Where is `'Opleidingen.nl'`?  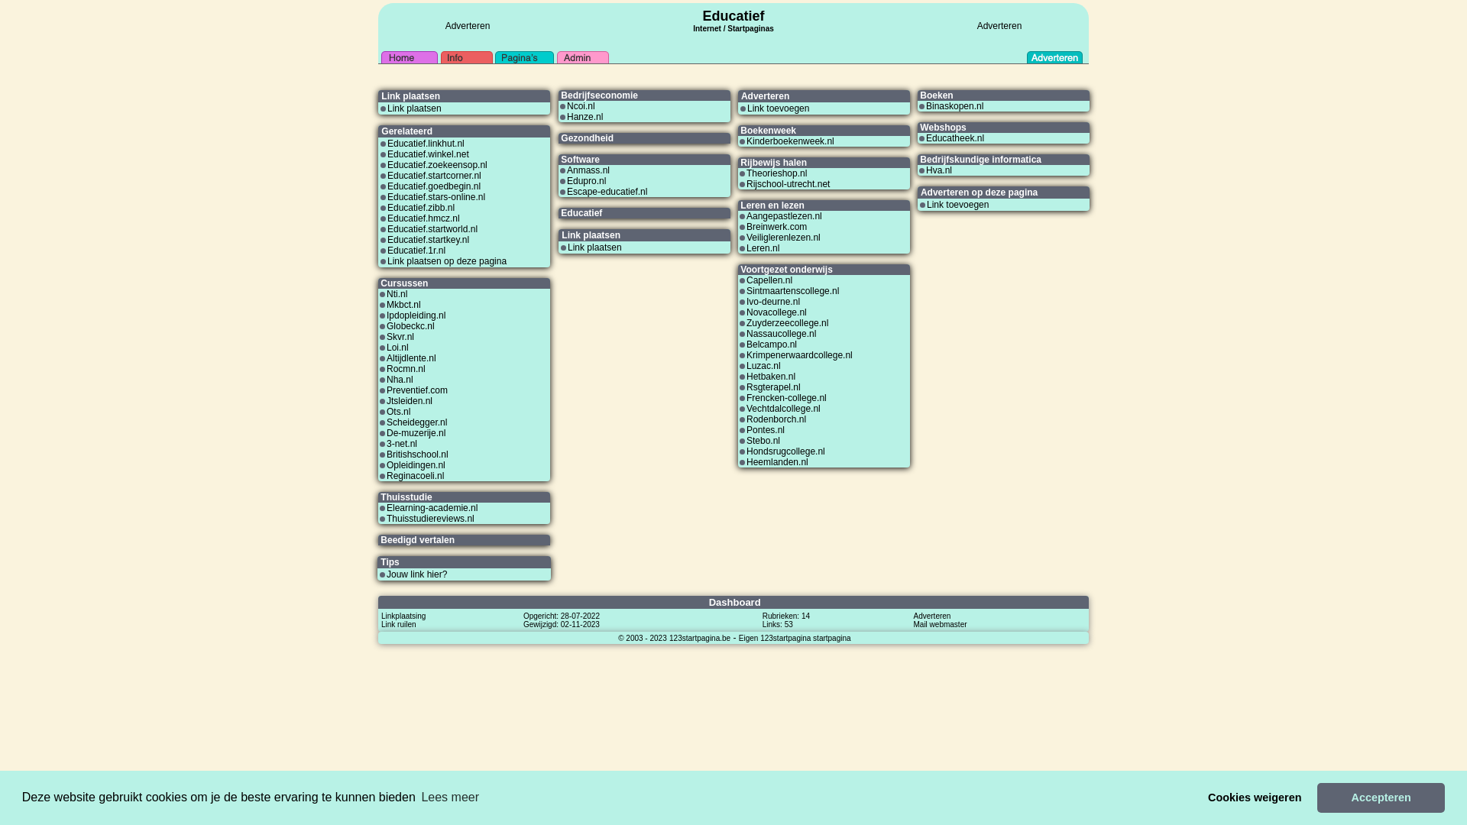
'Opleidingen.nl' is located at coordinates (416, 464).